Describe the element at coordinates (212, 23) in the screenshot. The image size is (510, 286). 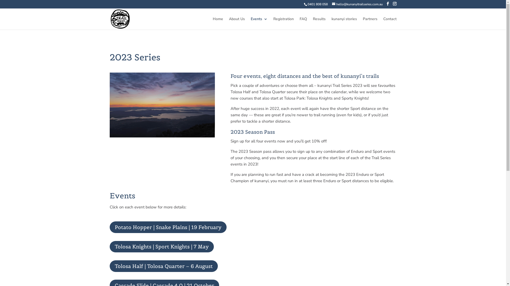
I see `'Home'` at that location.